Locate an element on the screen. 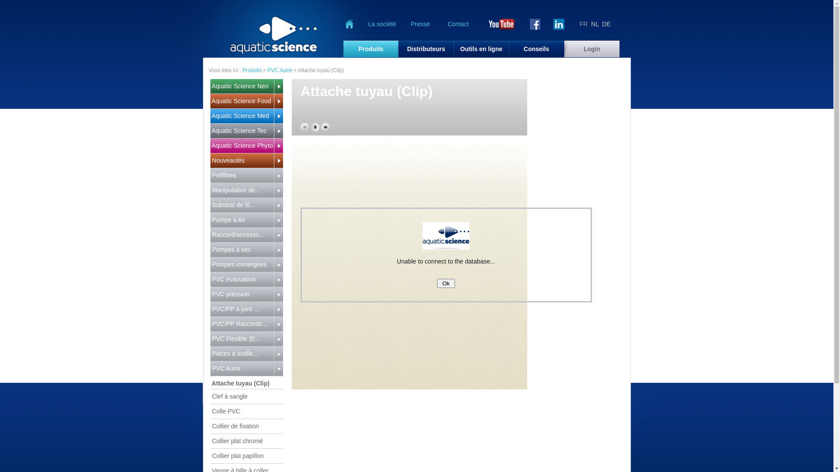 The width and height of the screenshot is (840, 472). ' Manipulation de...' is located at coordinates (241, 190).